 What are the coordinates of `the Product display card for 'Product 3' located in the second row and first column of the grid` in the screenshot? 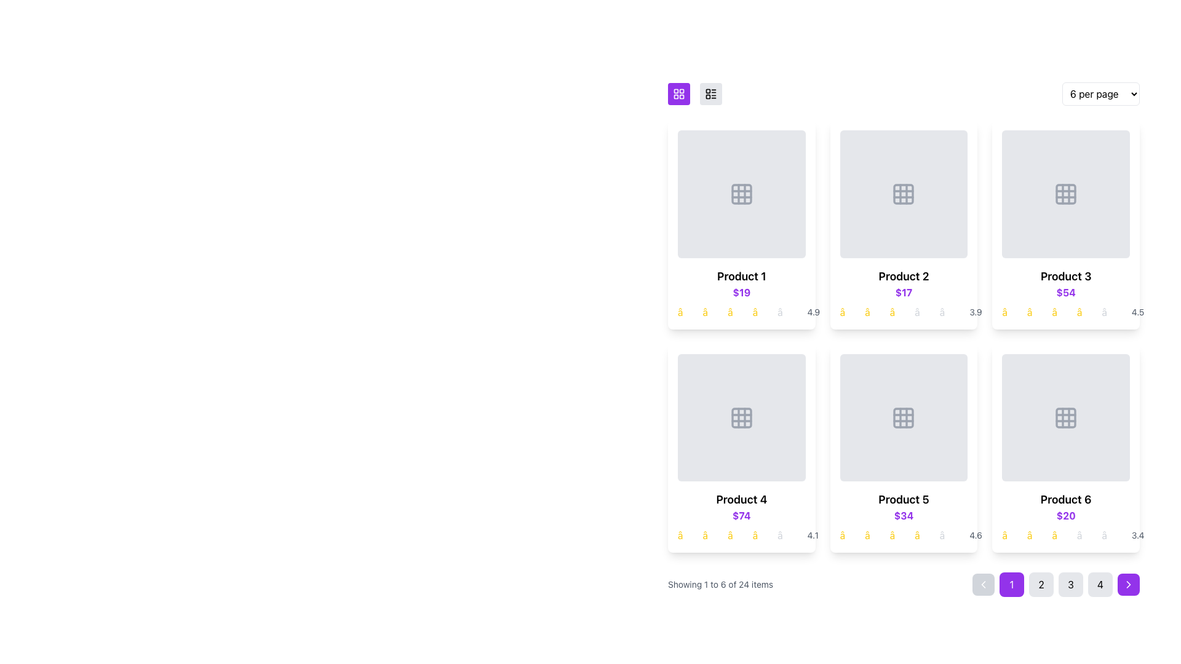 It's located at (1065, 293).